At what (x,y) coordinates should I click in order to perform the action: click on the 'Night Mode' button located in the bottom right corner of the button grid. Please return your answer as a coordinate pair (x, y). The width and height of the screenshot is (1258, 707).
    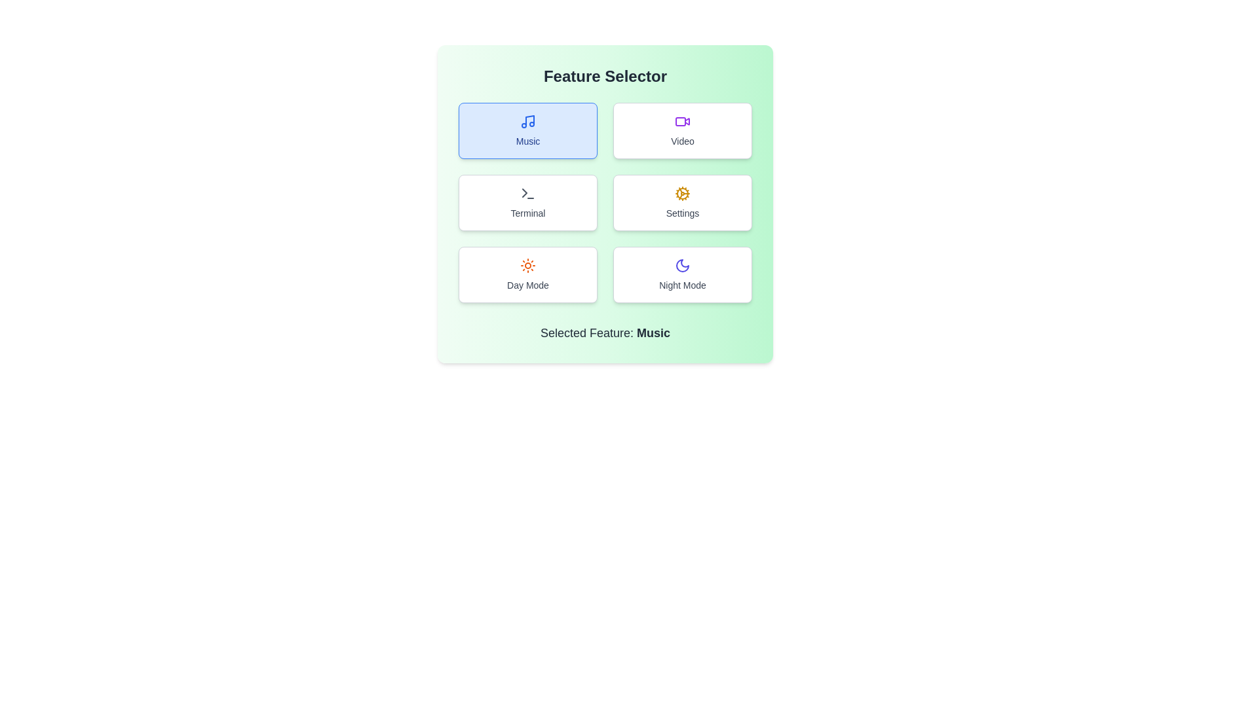
    Looking at the image, I should click on (681, 274).